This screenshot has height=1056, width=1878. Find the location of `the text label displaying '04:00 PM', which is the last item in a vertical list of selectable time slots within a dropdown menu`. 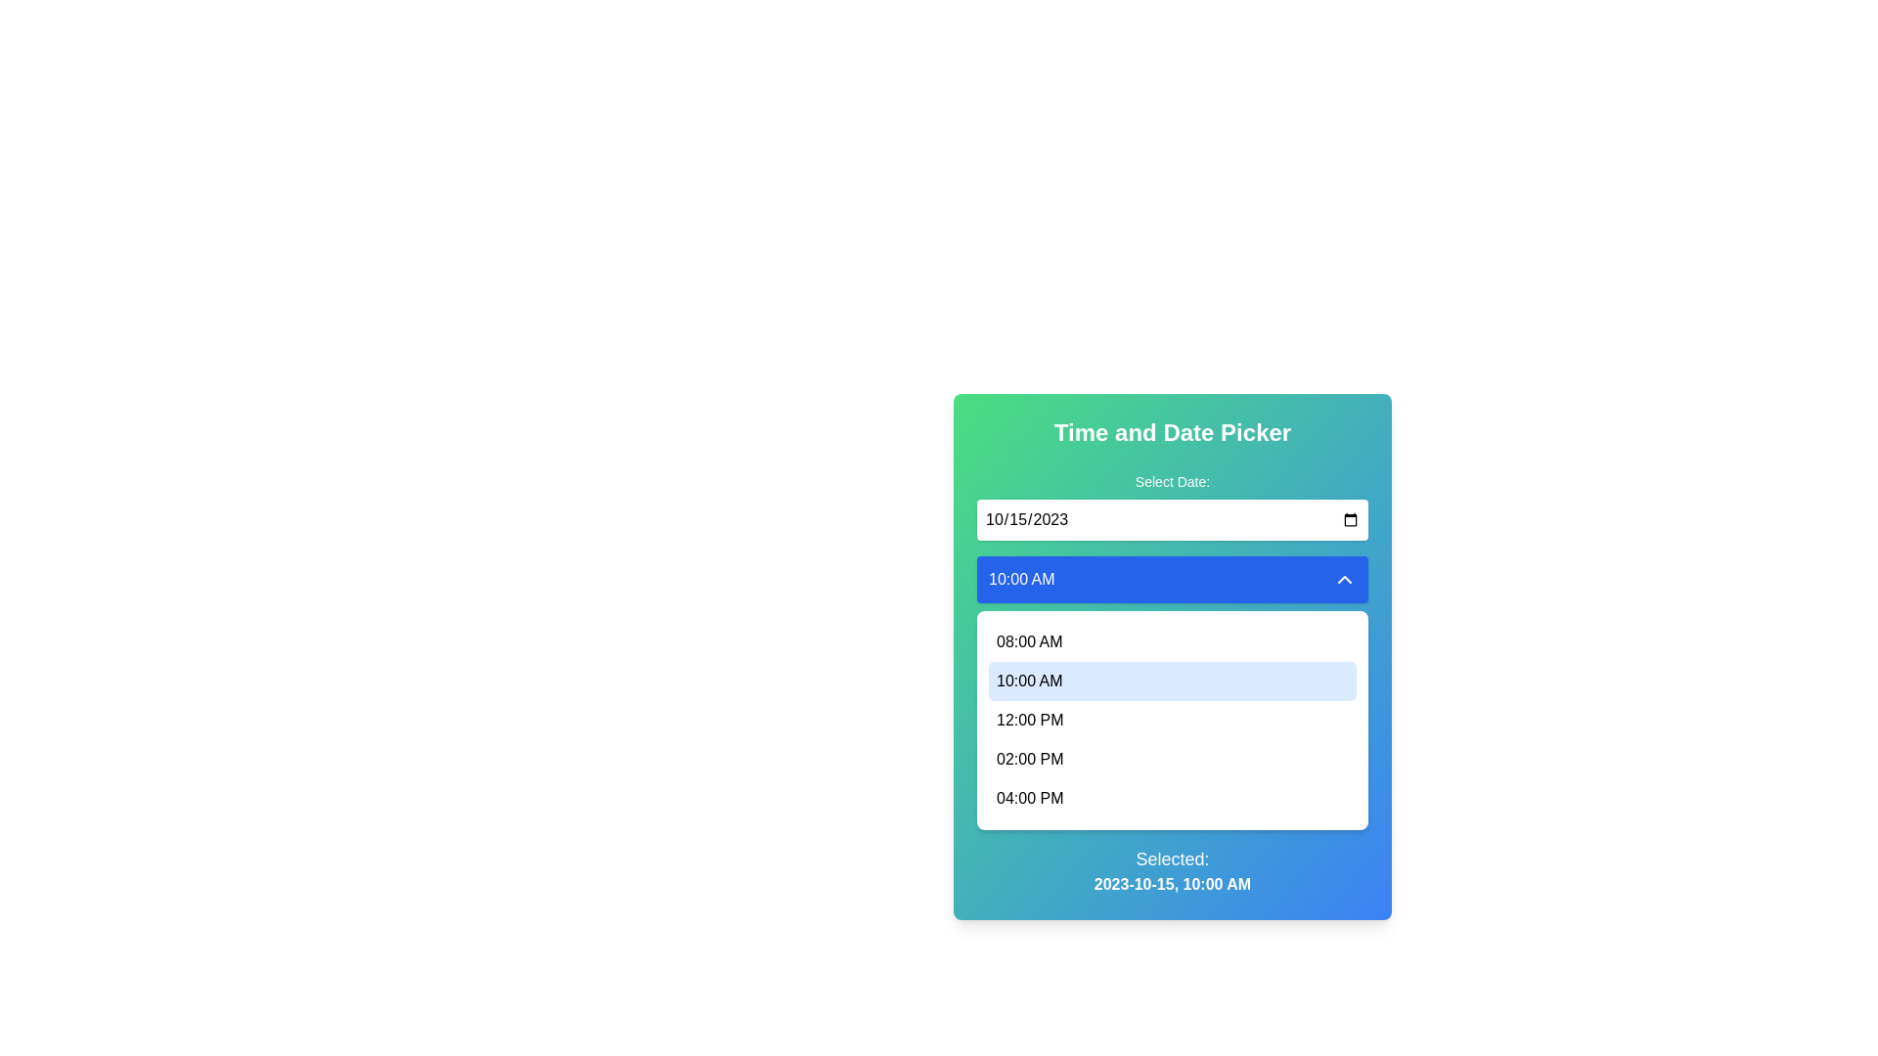

the text label displaying '04:00 PM', which is the last item in a vertical list of selectable time slots within a dropdown menu is located at coordinates (1029, 799).